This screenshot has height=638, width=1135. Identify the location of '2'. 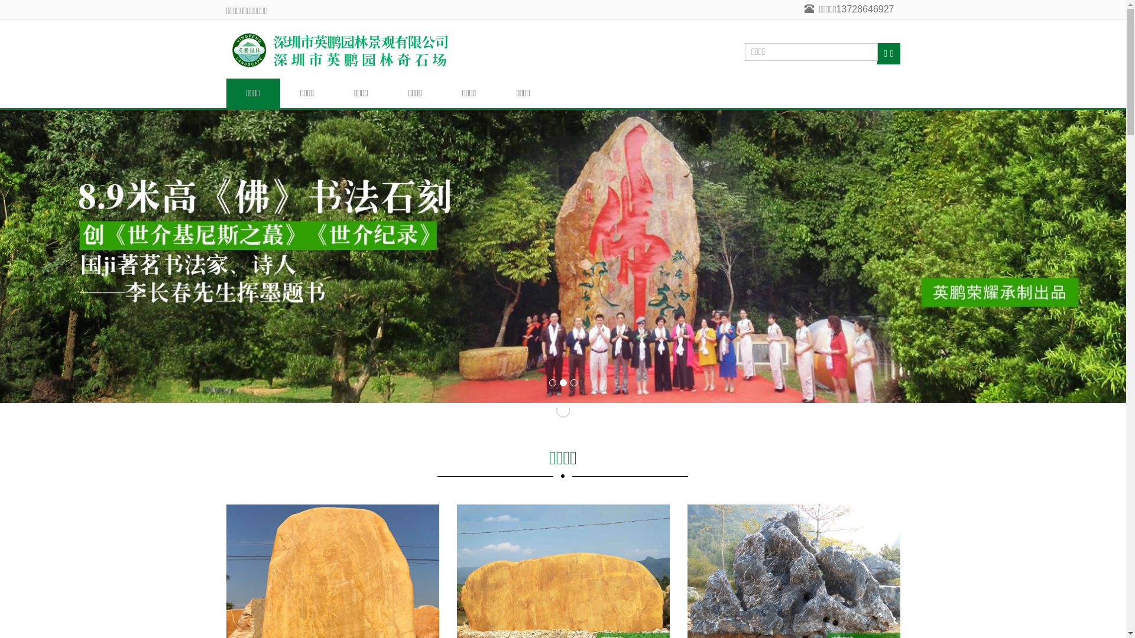
(558, 383).